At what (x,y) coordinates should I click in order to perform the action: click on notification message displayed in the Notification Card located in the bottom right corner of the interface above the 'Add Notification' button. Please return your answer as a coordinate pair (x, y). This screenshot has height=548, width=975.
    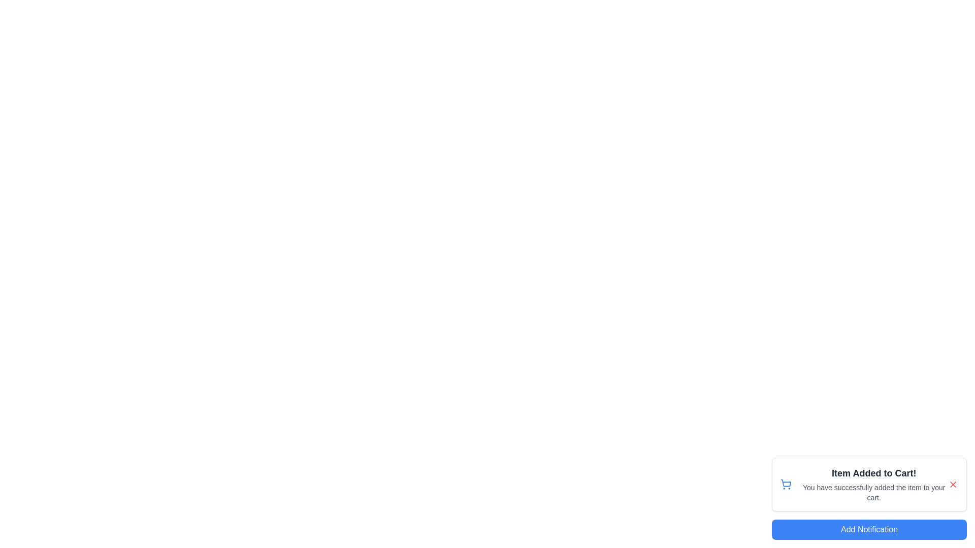
    Looking at the image, I should click on (869, 498).